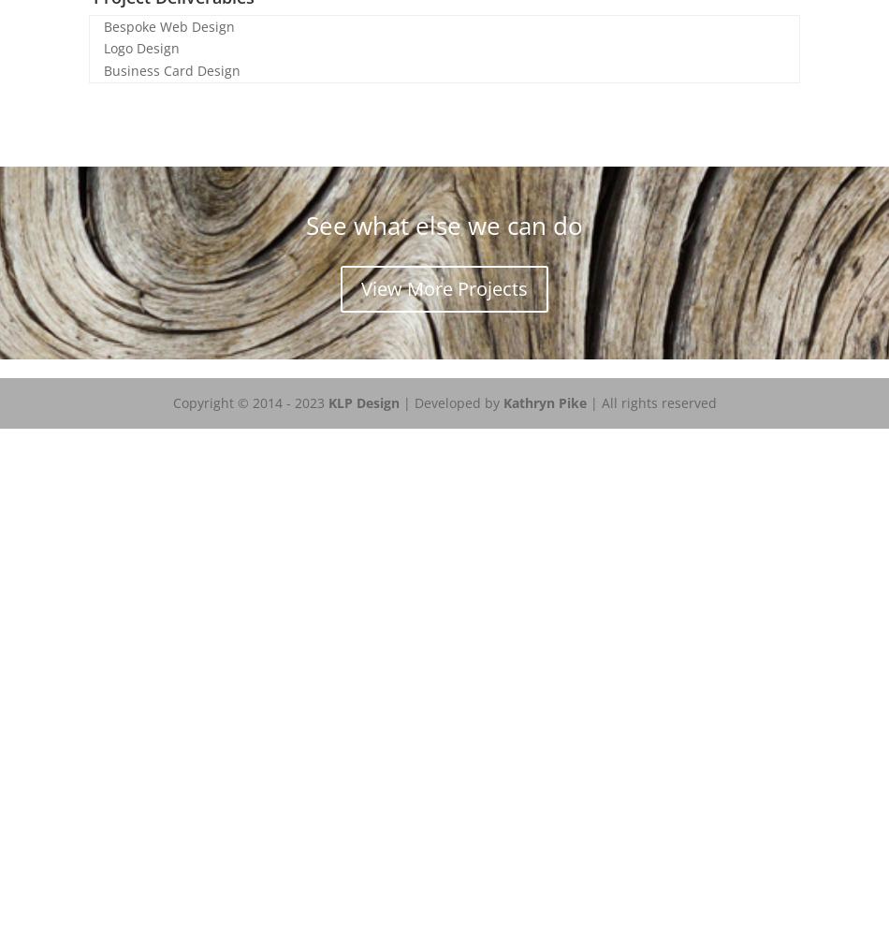  What do you see at coordinates (326, 402) in the screenshot?
I see `'KLP Design'` at bounding box center [326, 402].